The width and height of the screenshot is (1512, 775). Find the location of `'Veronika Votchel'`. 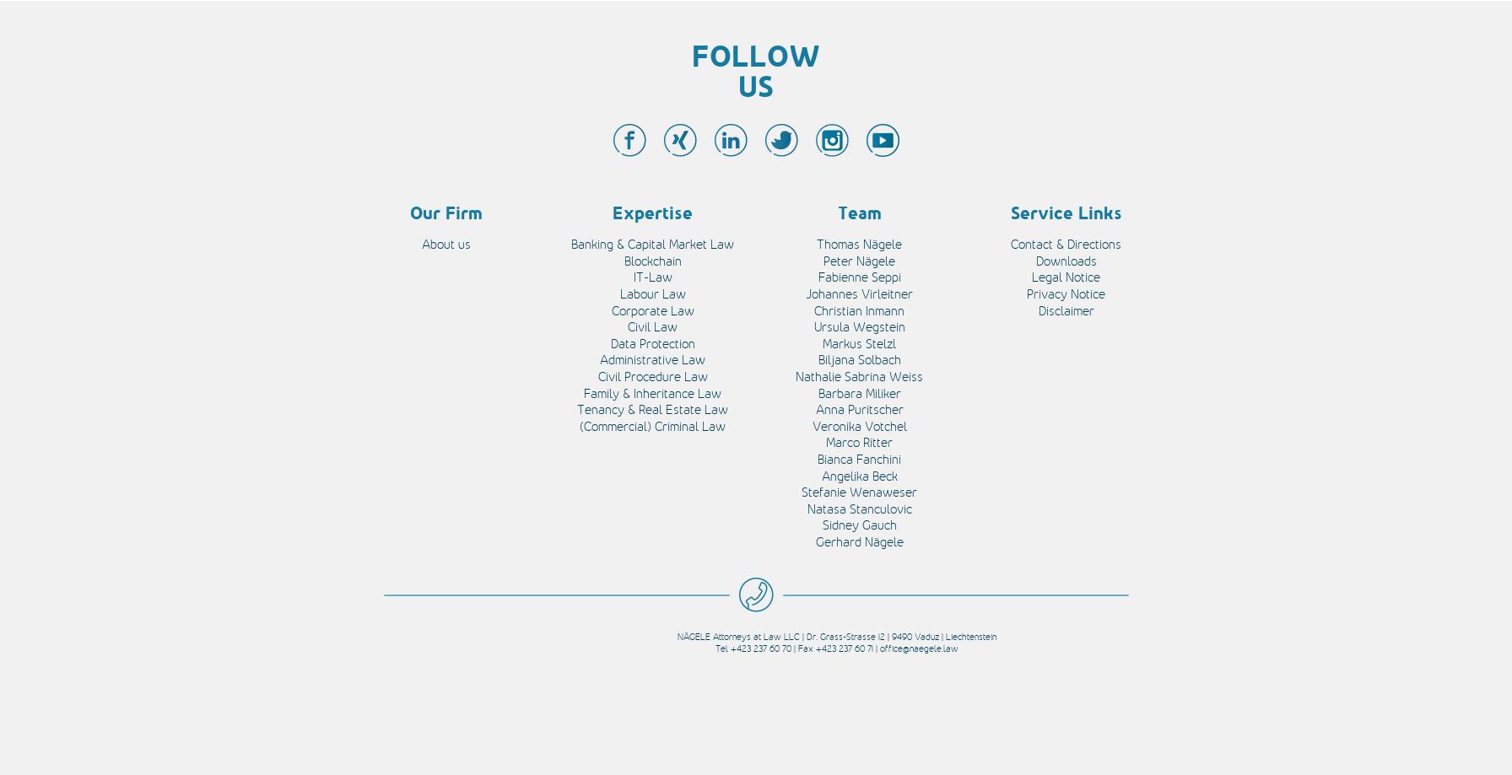

'Veronika Votchel' is located at coordinates (858, 424).